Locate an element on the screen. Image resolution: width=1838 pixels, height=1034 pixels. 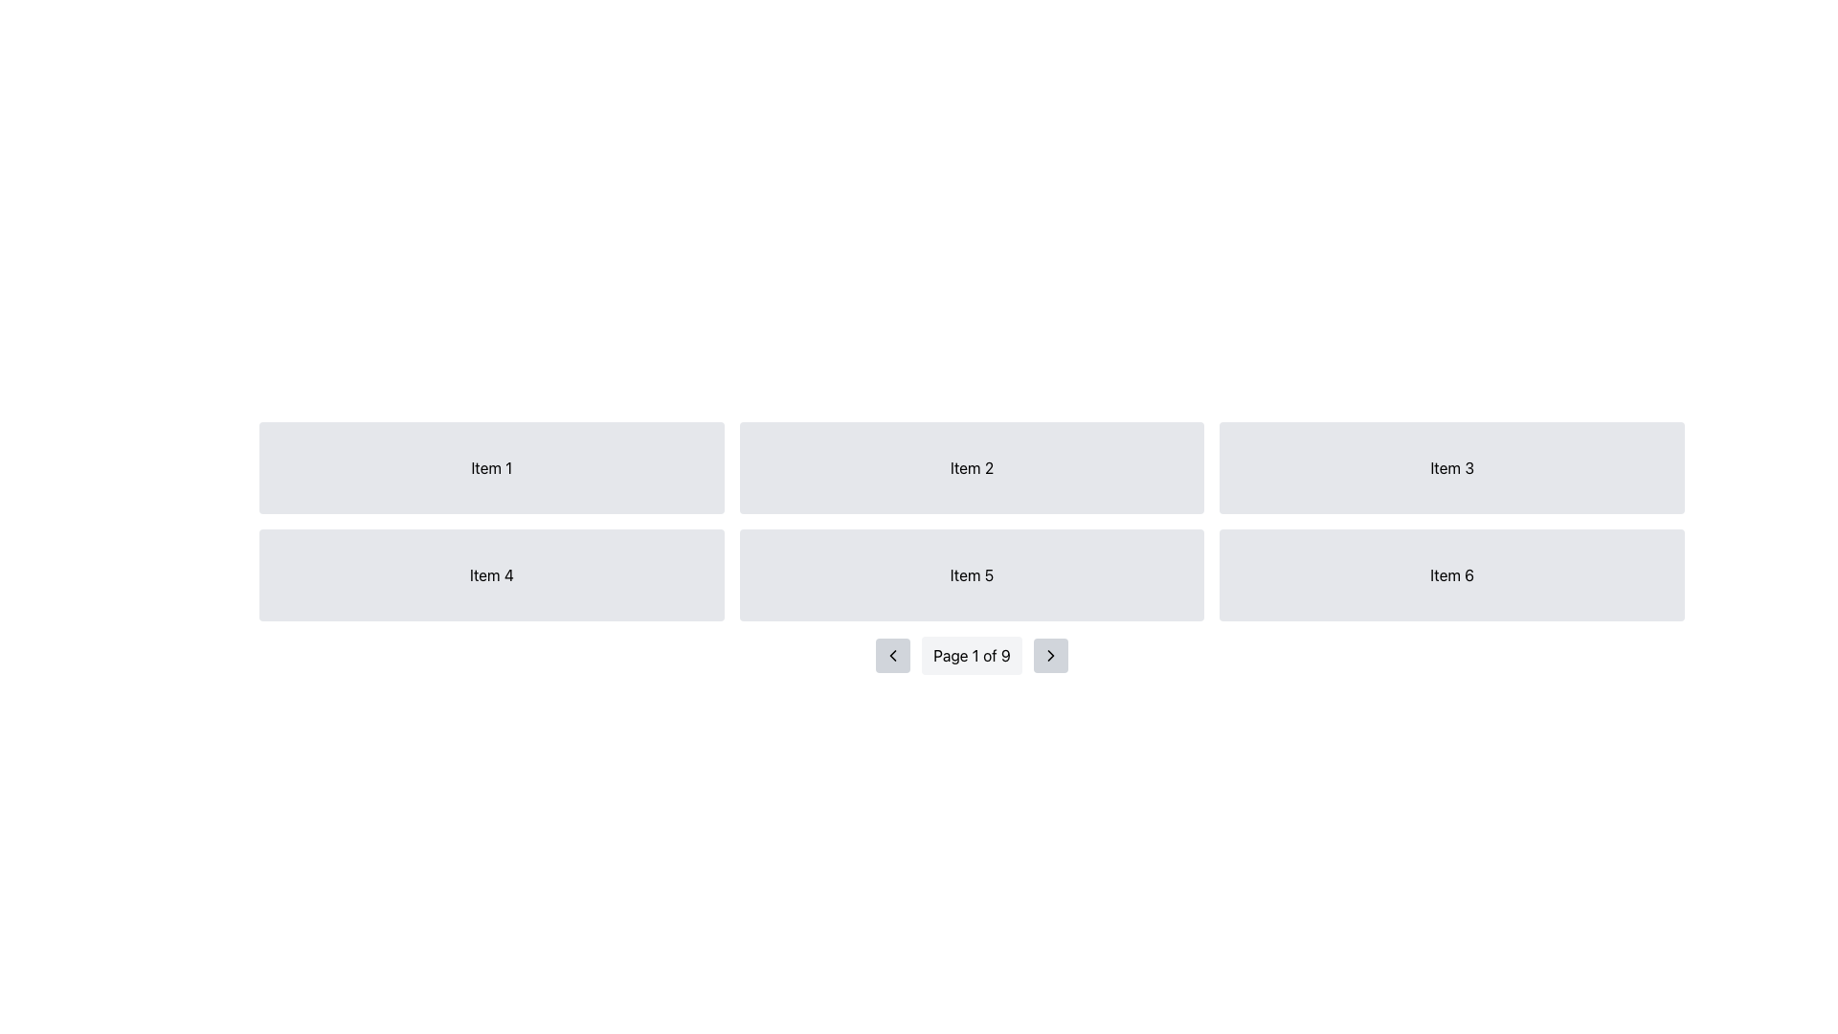
the right-facing chevron icon is located at coordinates (1049, 655).